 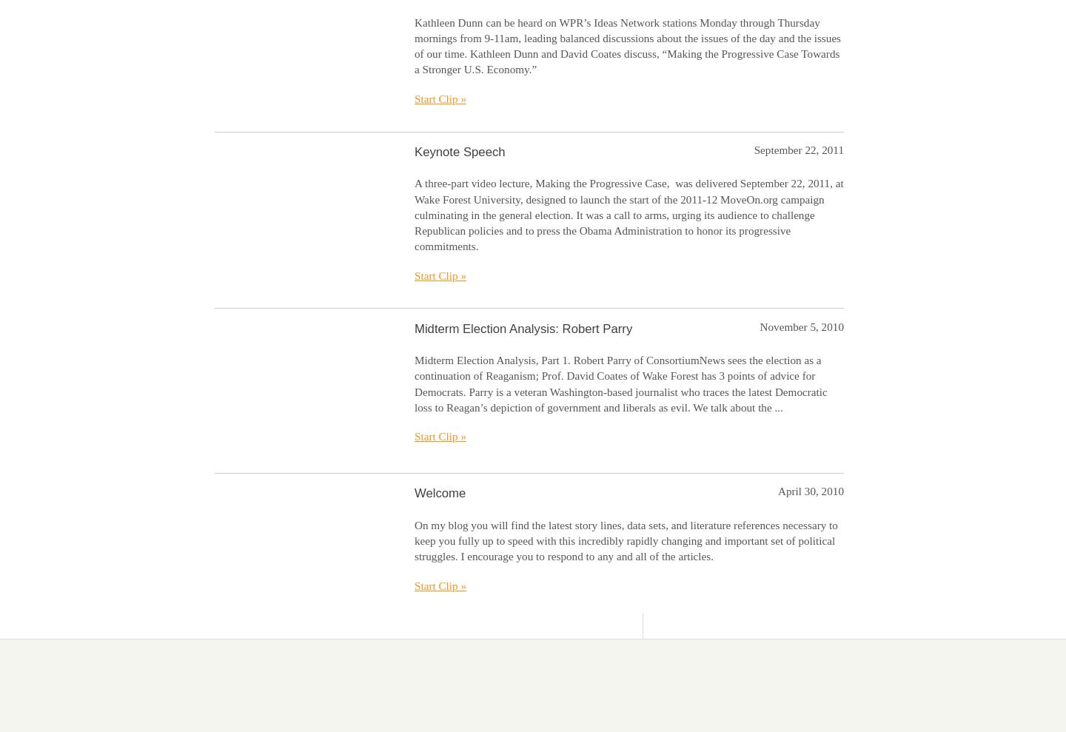 What do you see at coordinates (440, 492) in the screenshot?
I see `'Welcome'` at bounding box center [440, 492].